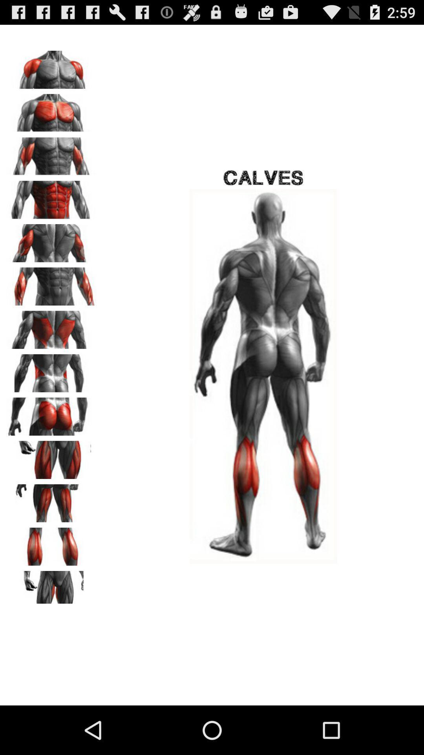 Image resolution: width=424 pixels, height=755 pixels. What do you see at coordinates (51, 543) in the screenshot?
I see `calves` at bounding box center [51, 543].